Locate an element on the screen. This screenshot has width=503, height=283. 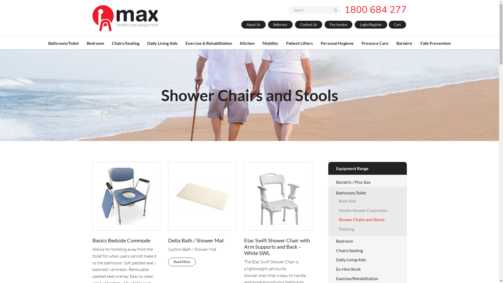
'Kitchen' is located at coordinates (247, 43).